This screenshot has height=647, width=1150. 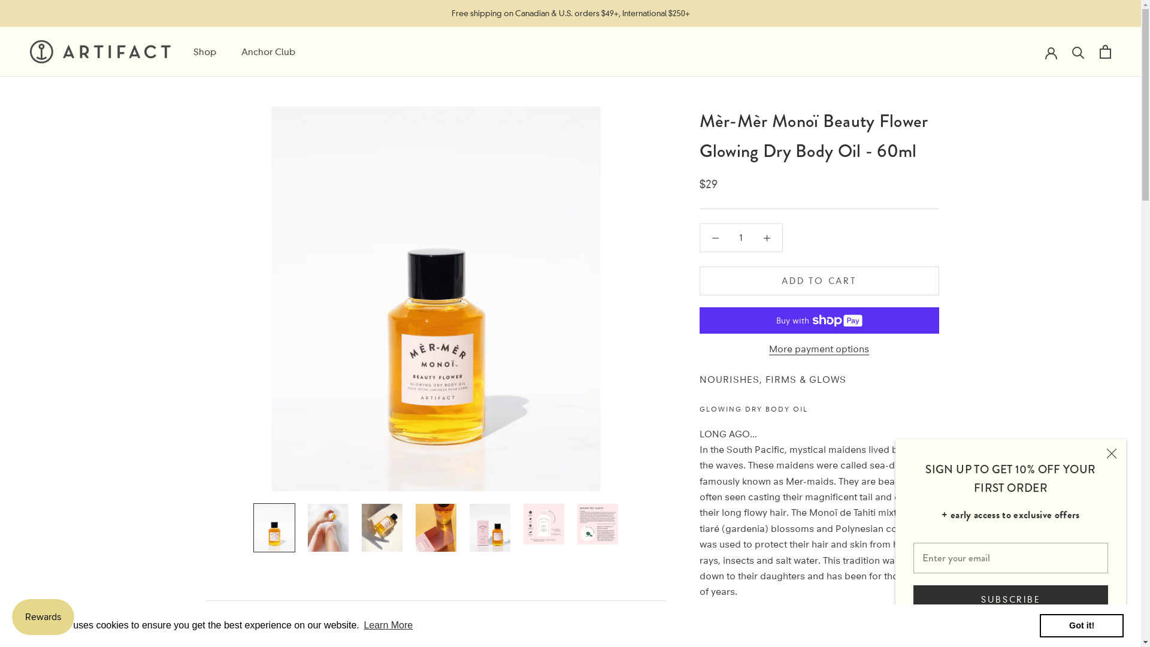 What do you see at coordinates (819, 281) in the screenshot?
I see `'ADD TO CART'` at bounding box center [819, 281].